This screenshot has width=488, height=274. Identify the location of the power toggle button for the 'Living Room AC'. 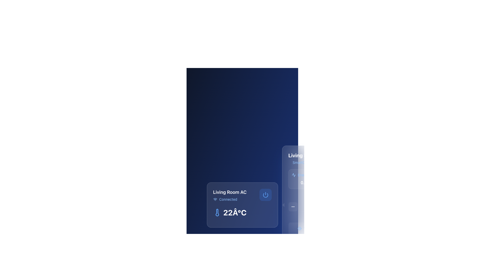
(265, 194).